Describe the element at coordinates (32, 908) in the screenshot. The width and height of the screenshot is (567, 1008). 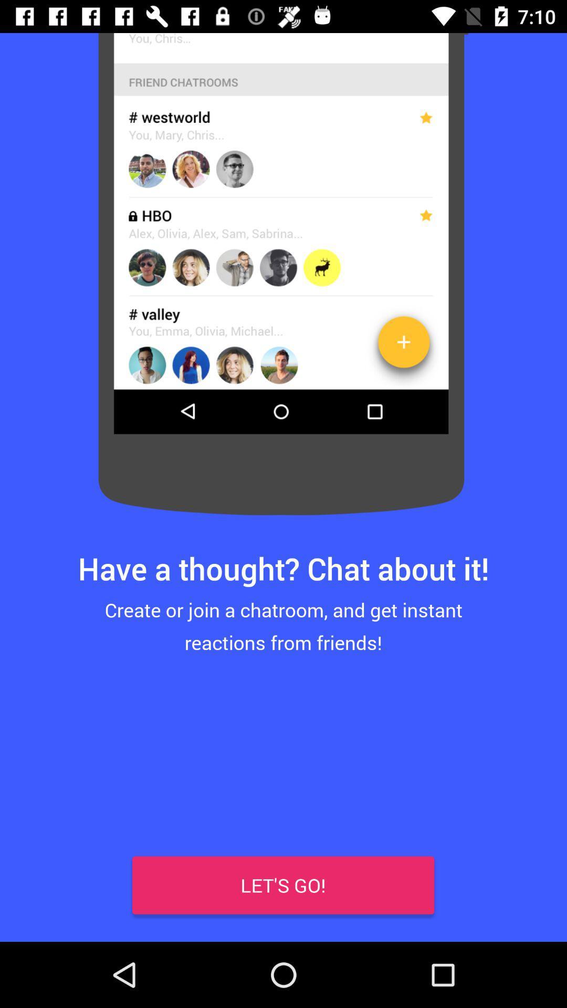
I see `the icon to the left of let's go! item` at that location.